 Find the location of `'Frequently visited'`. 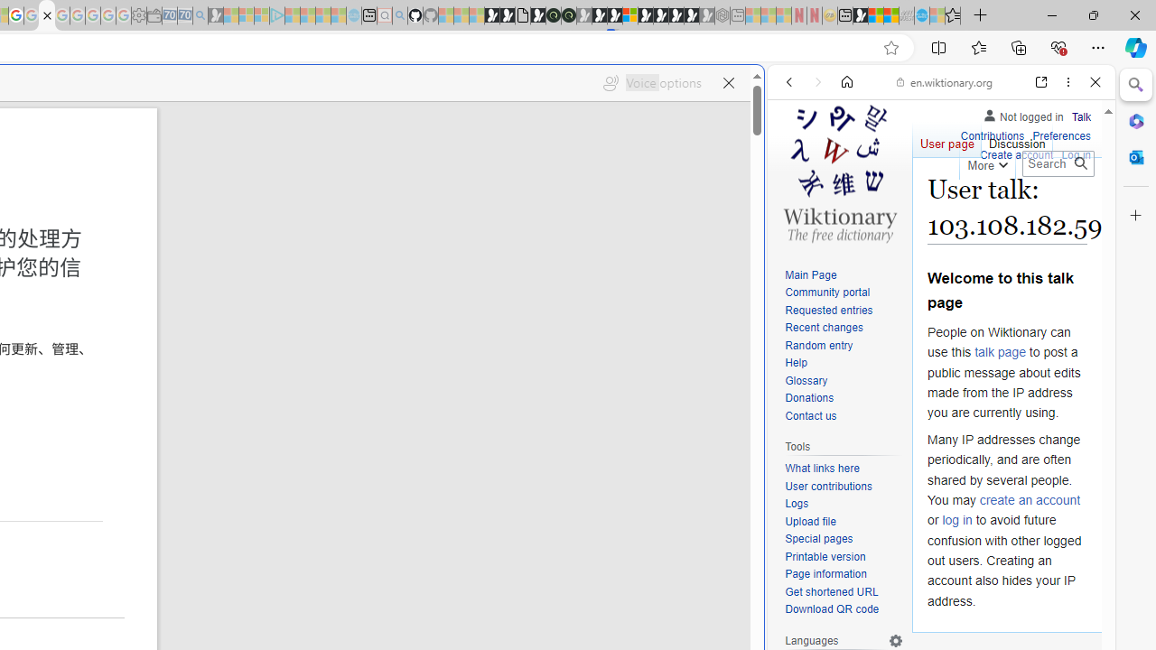

'Frequently visited' is located at coordinates (377, 239).